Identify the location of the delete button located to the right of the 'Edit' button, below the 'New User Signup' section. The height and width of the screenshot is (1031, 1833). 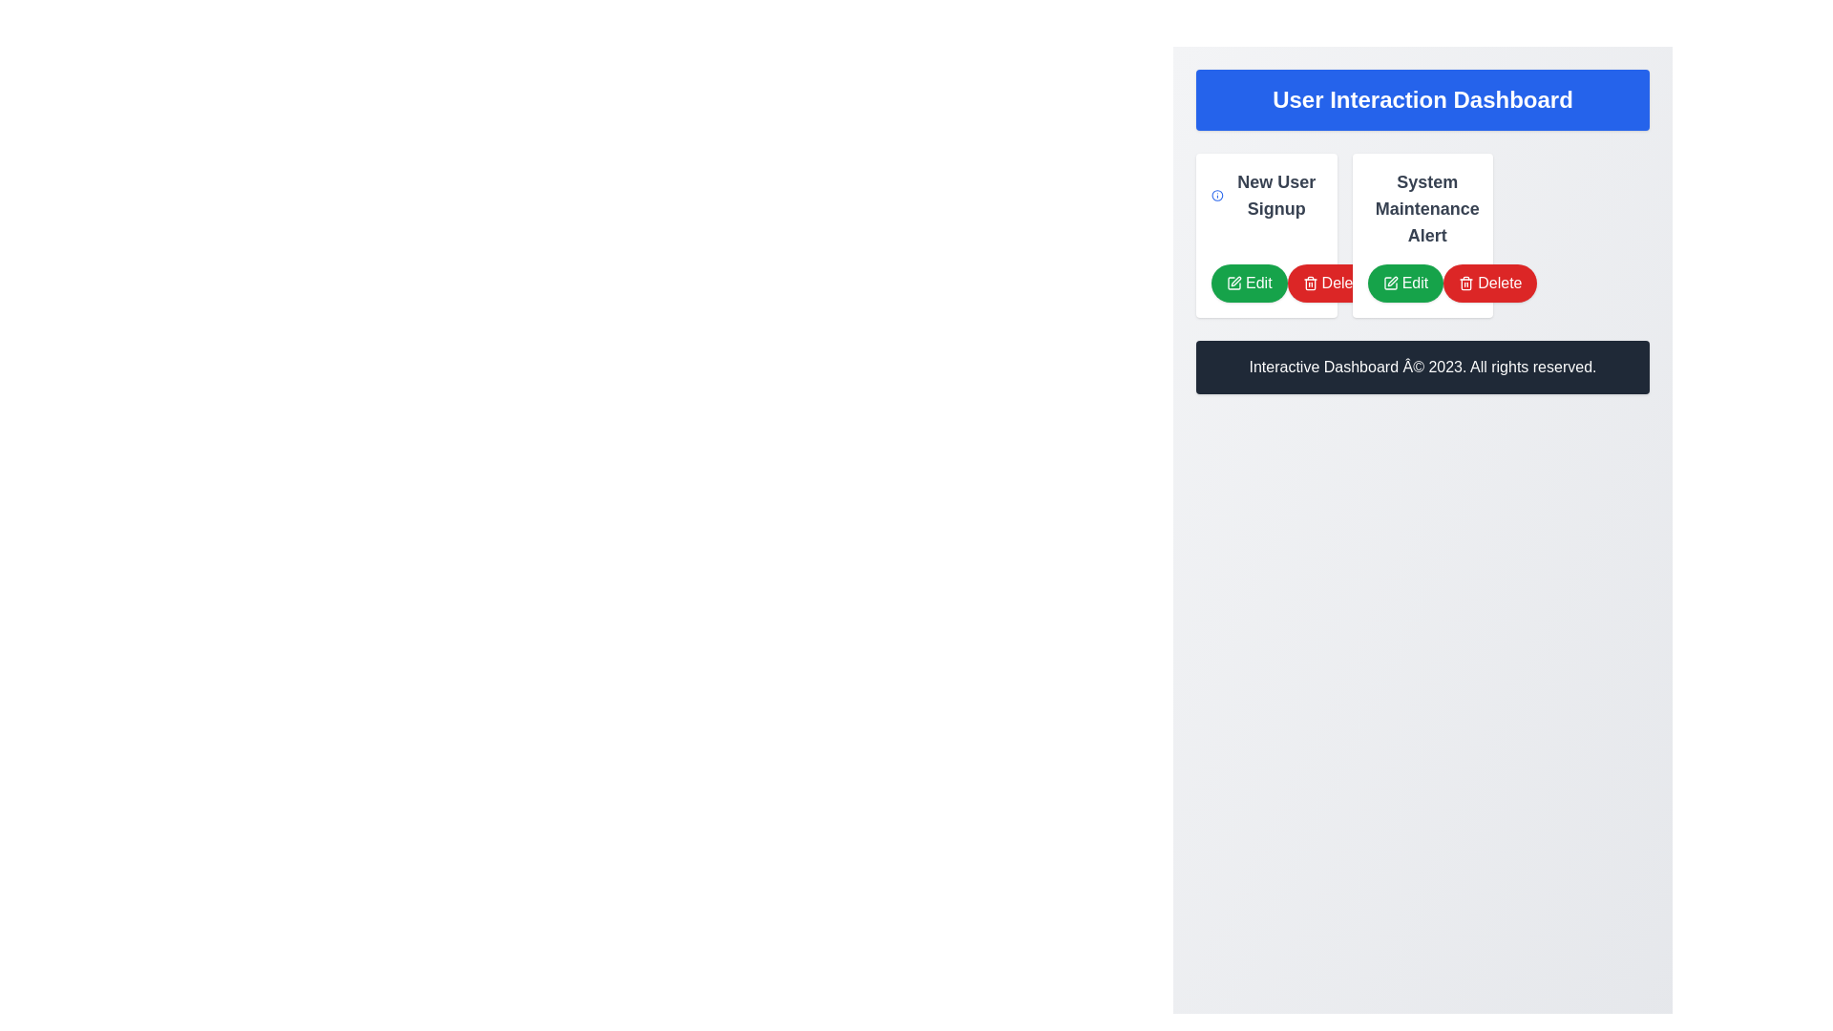
(1333, 284).